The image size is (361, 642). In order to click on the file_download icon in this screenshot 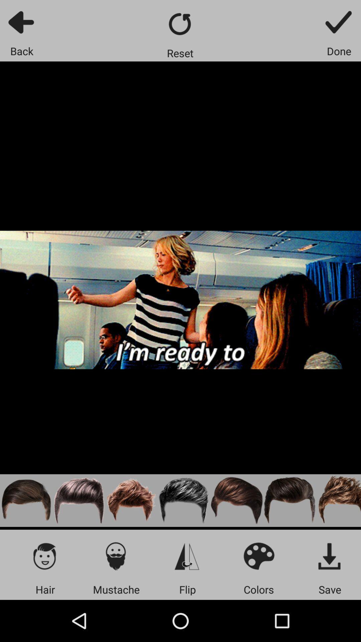, I will do `click(330, 556)`.